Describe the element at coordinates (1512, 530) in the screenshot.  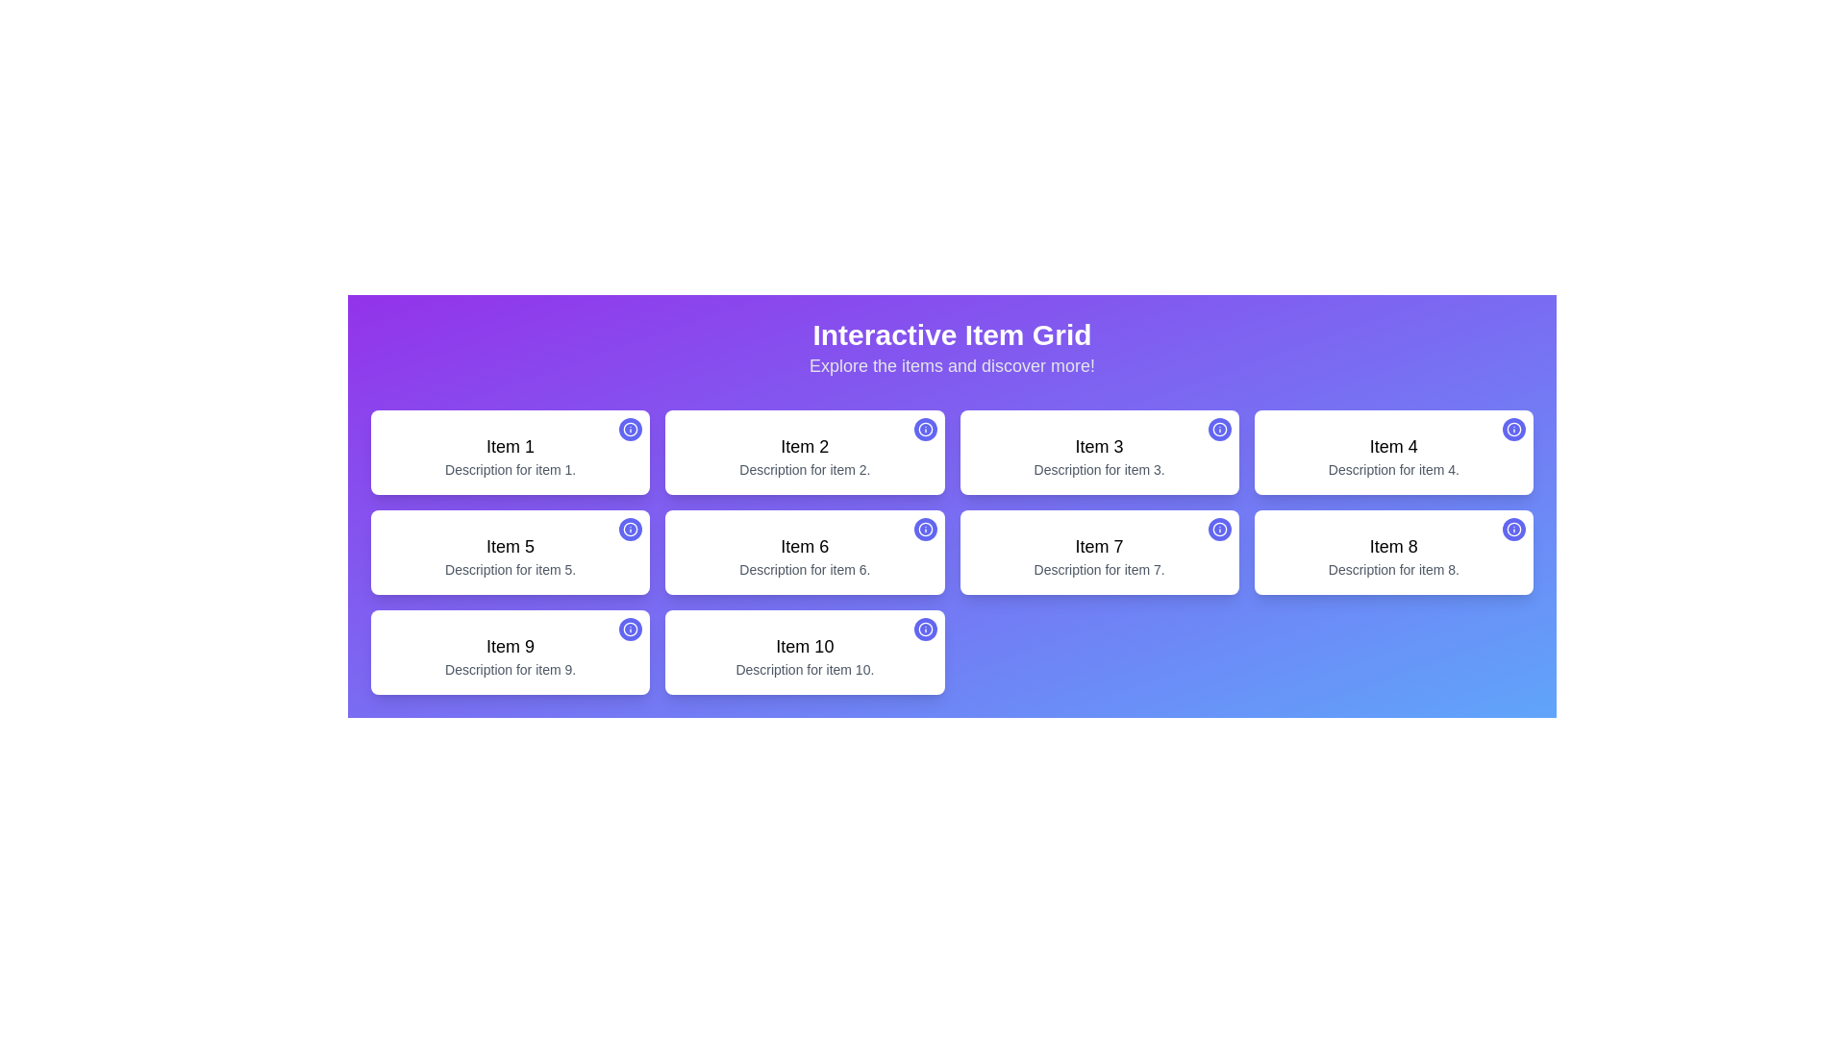
I see `the informational Icon button located in the top-right corner of the 'Item 8' card` at that location.